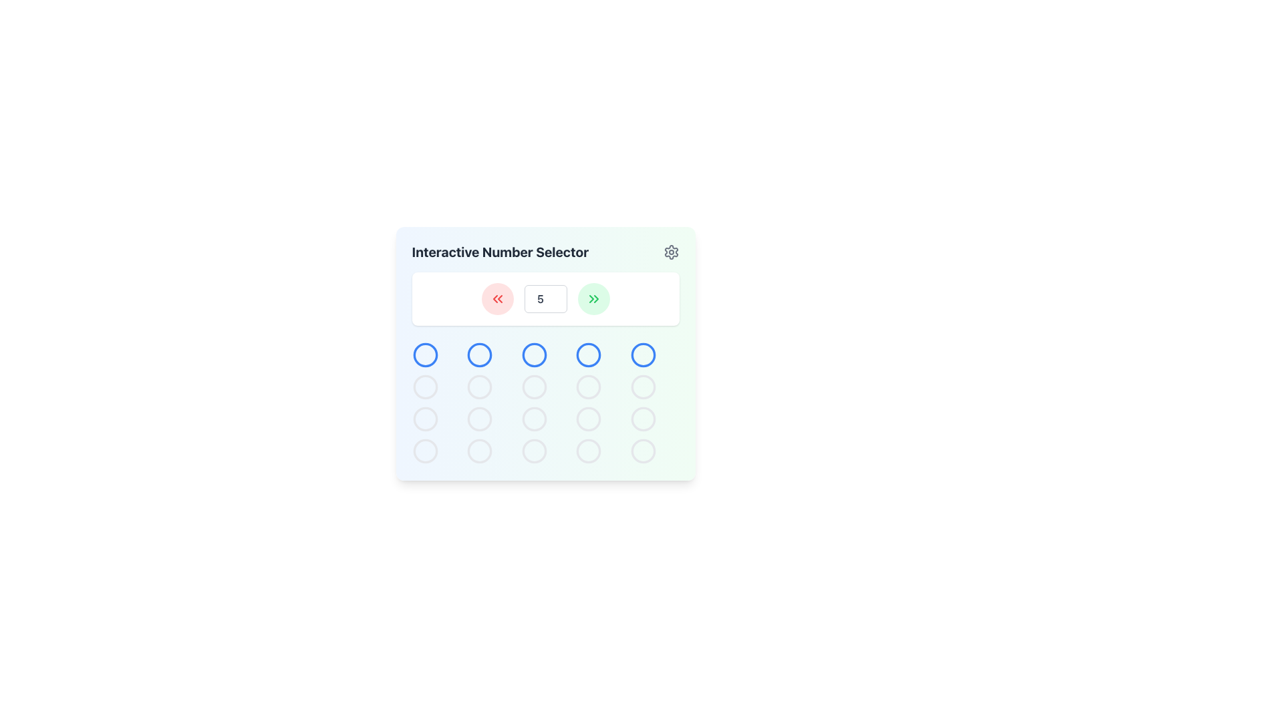 The width and height of the screenshot is (1283, 721). I want to click on the SVG Circle Element with a blue outline located in the last column of the third row within the grid of circles under the 'Interactive Number Selector' title, so click(643, 354).